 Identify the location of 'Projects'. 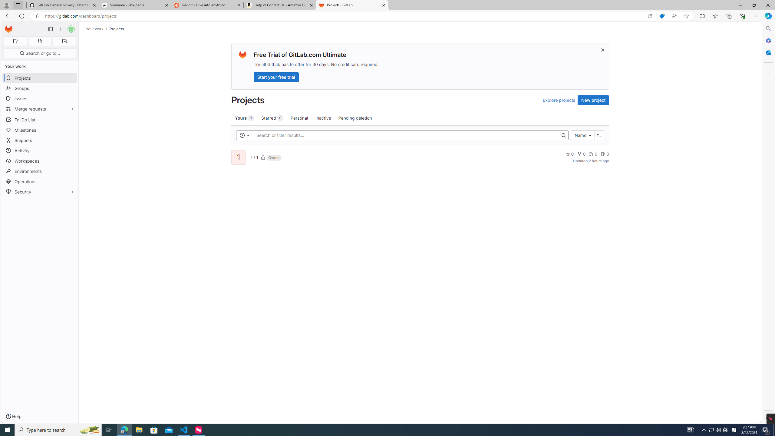
(116, 29).